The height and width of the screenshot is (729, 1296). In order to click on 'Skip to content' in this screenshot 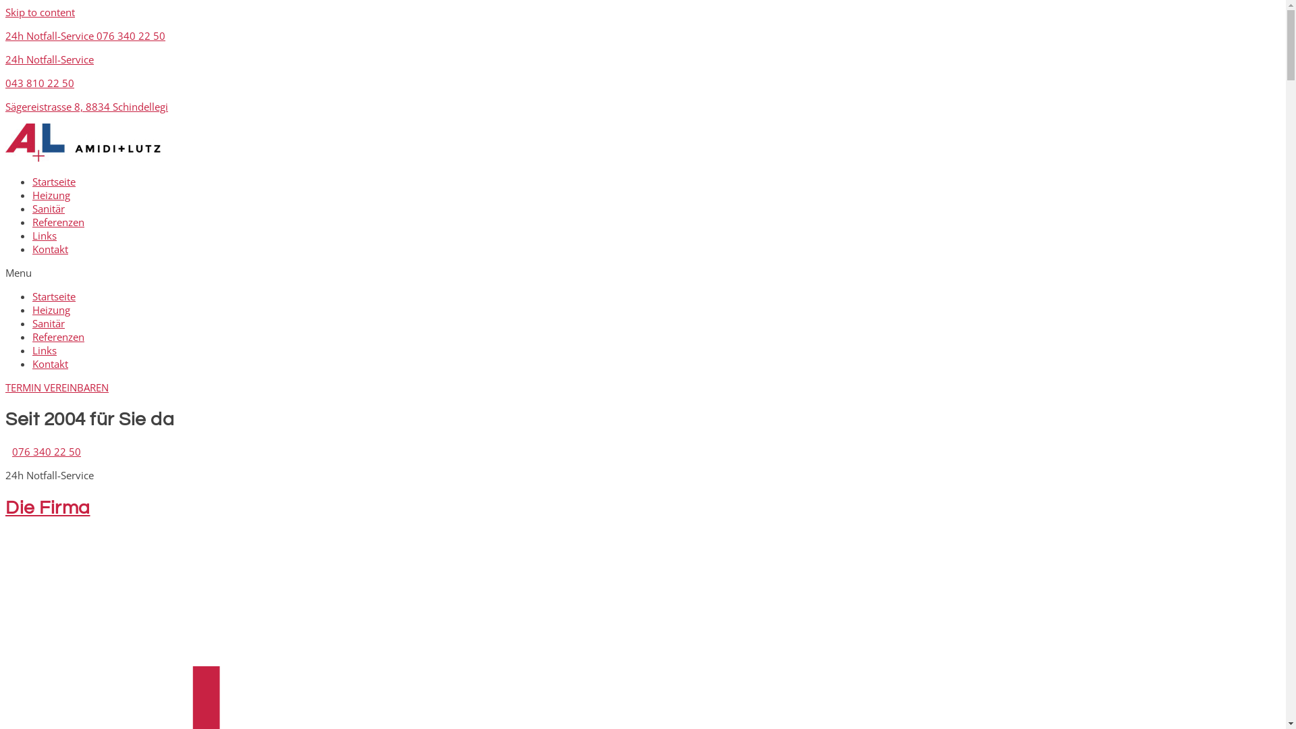, I will do `click(40, 12)`.